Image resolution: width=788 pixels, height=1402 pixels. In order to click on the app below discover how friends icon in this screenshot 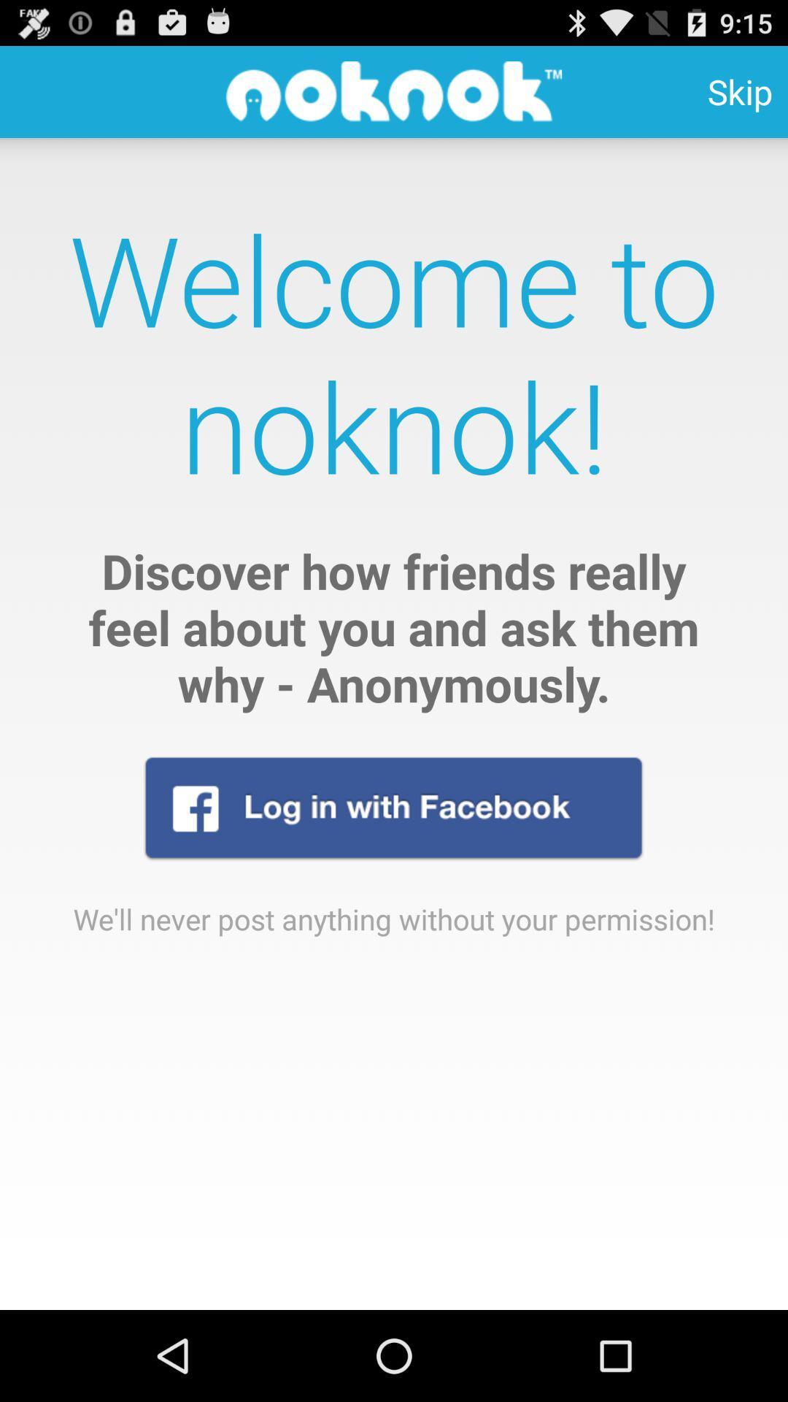, I will do `click(393, 807)`.